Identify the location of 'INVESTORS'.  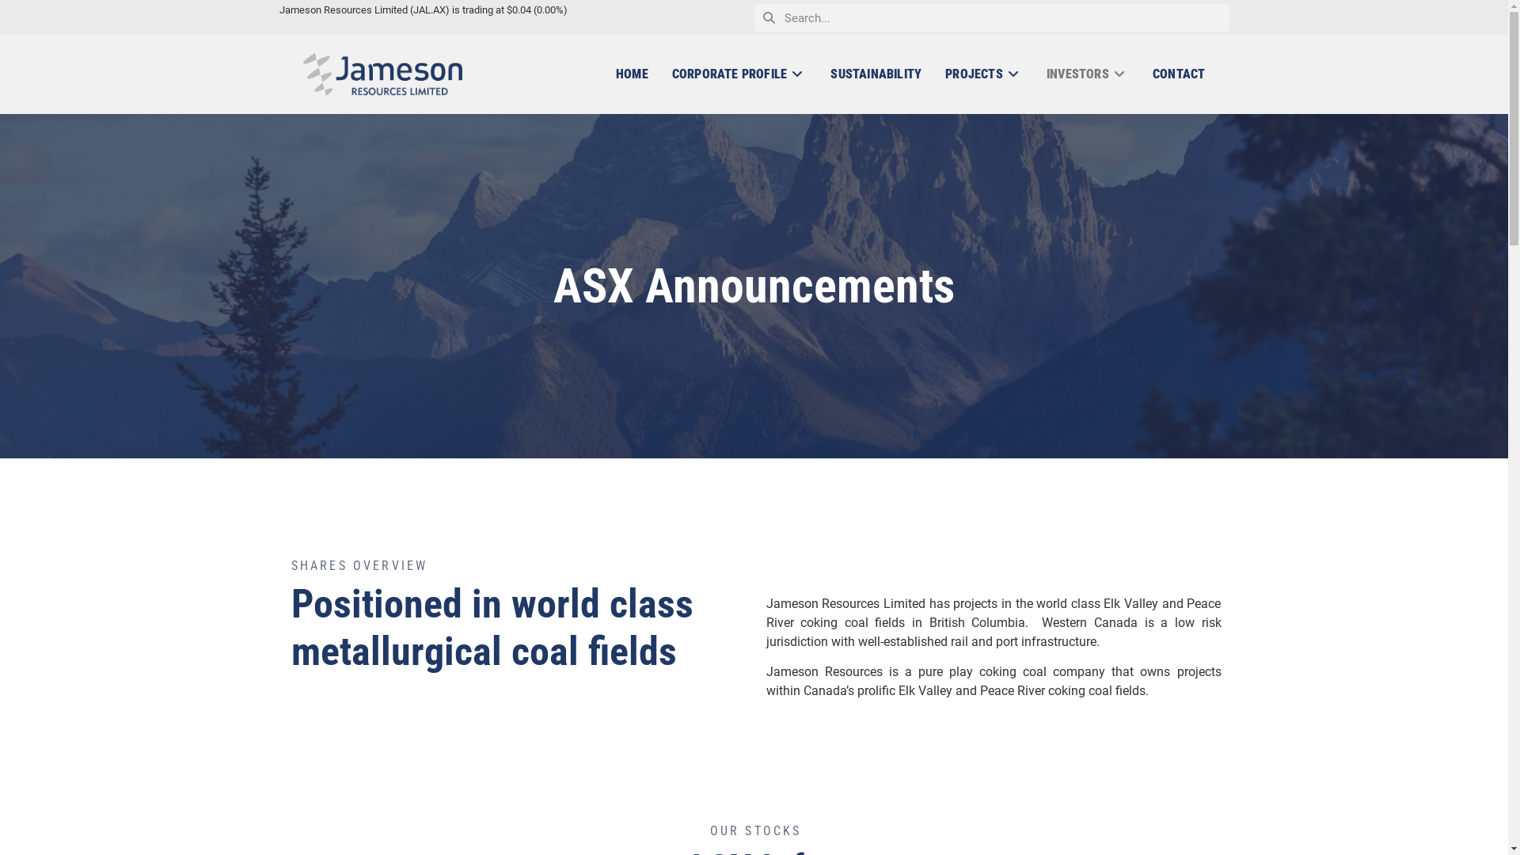
(1034, 74).